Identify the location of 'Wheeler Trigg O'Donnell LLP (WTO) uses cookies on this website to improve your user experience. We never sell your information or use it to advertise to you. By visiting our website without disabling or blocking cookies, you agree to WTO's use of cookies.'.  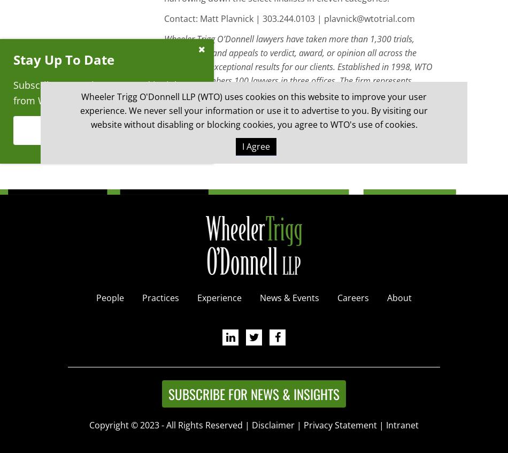
(254, 110).